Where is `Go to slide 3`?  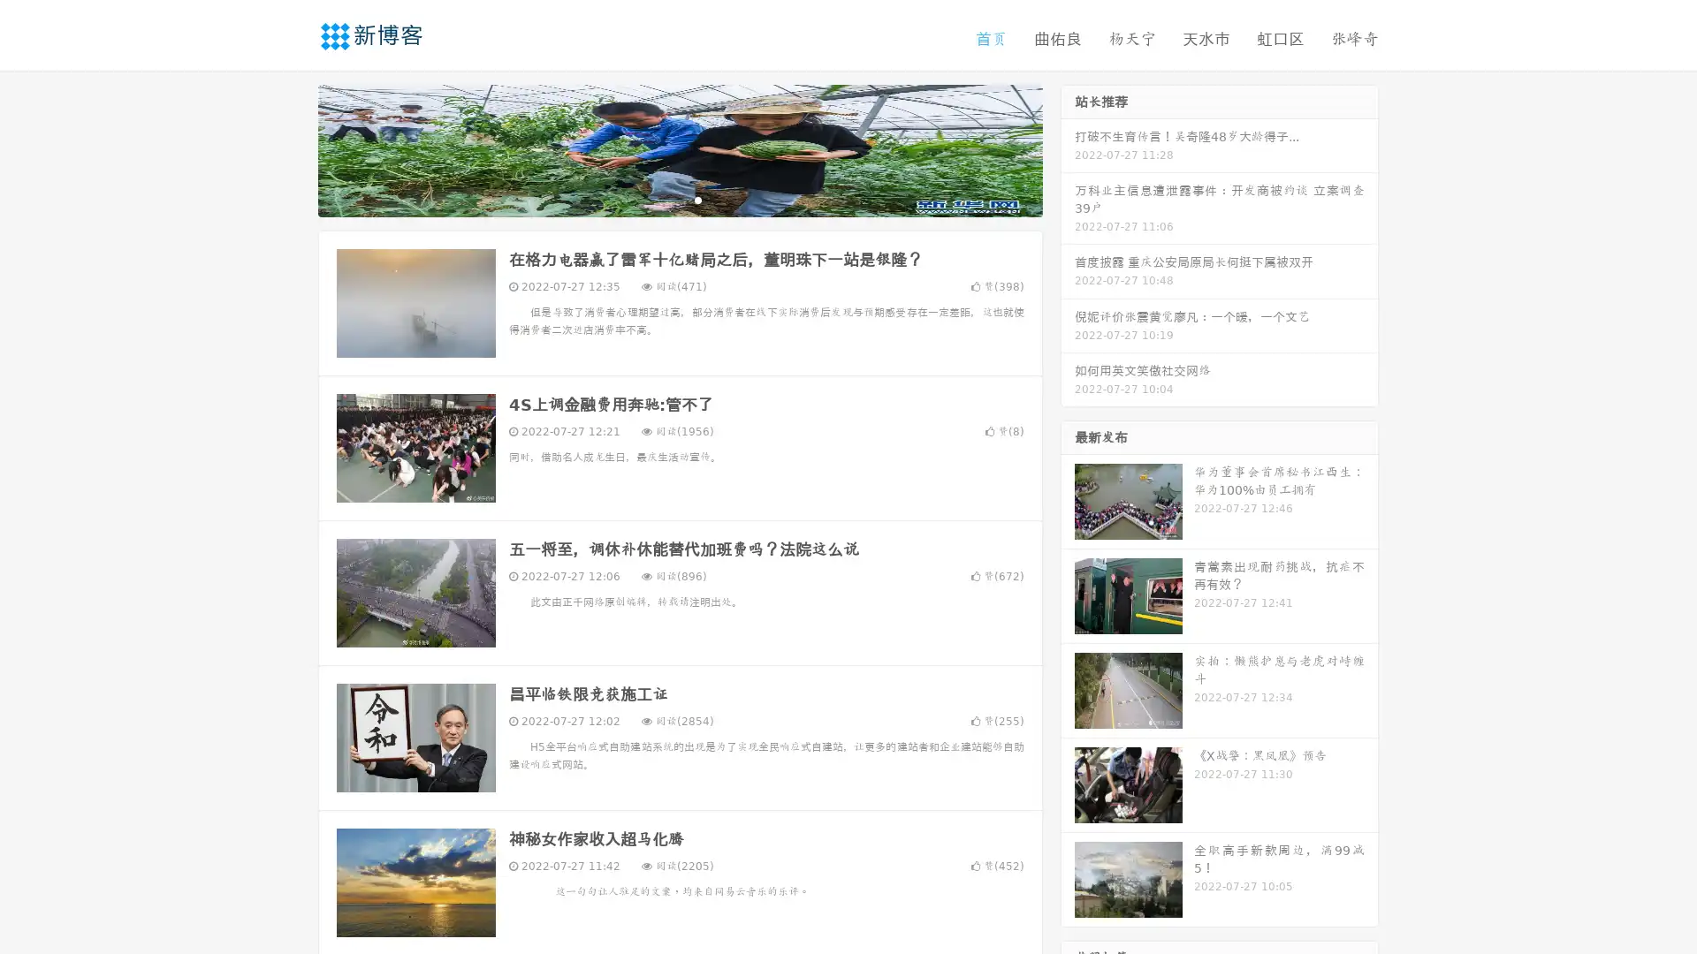 Go to slide 3 is located at coordinates (697, 199).